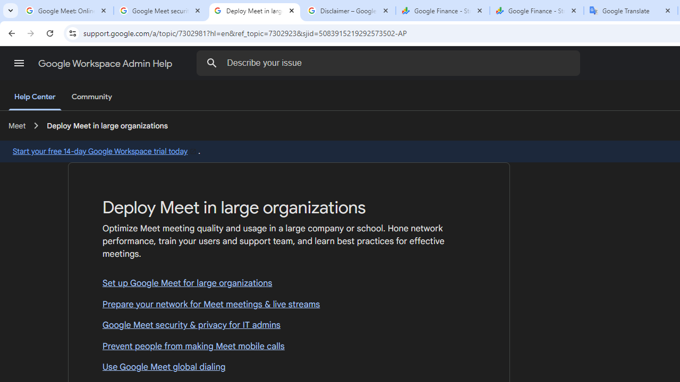 This screenshot has width=680, height=382. What do you see at coordinates (91, 97) in the screenshot?
I see `'Community'` at bounding box center [91, 97].